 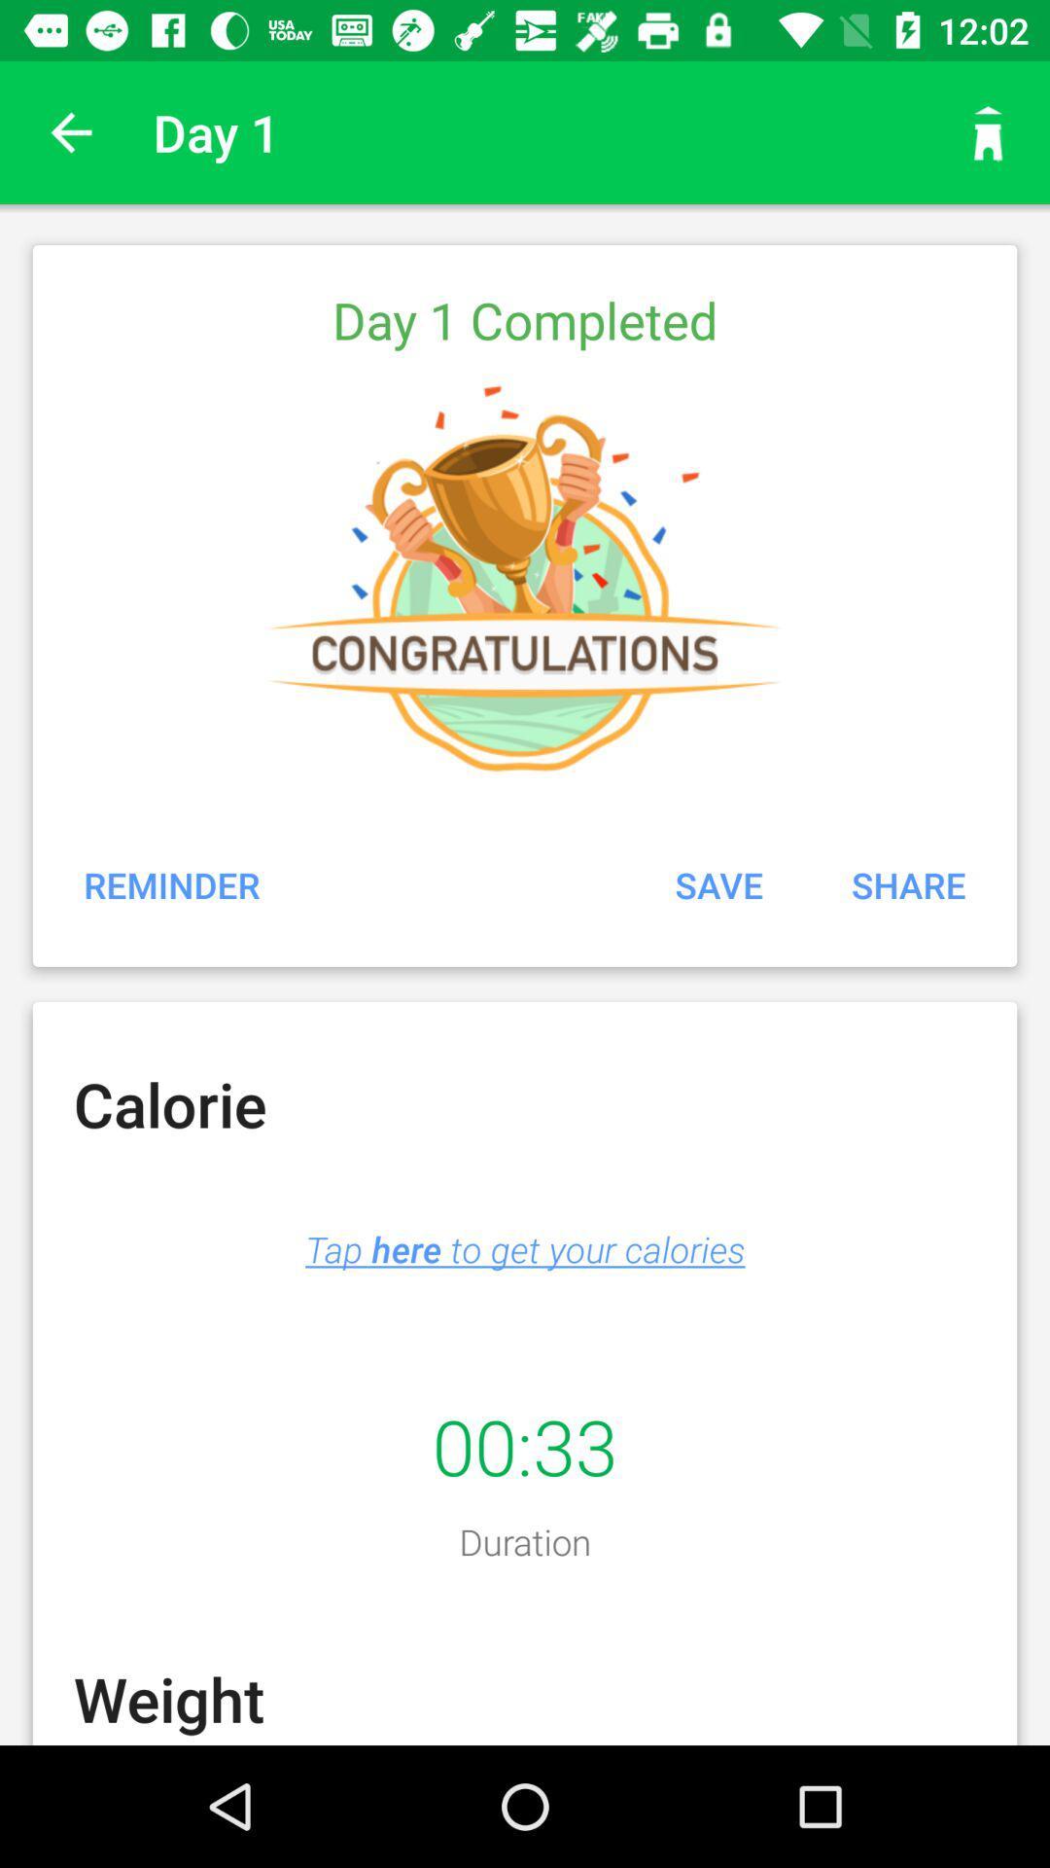 What do you see at coordinates (989, 131) in the screenshot?
I see `icon next to day 1 app` at bounding box center [989, 131].